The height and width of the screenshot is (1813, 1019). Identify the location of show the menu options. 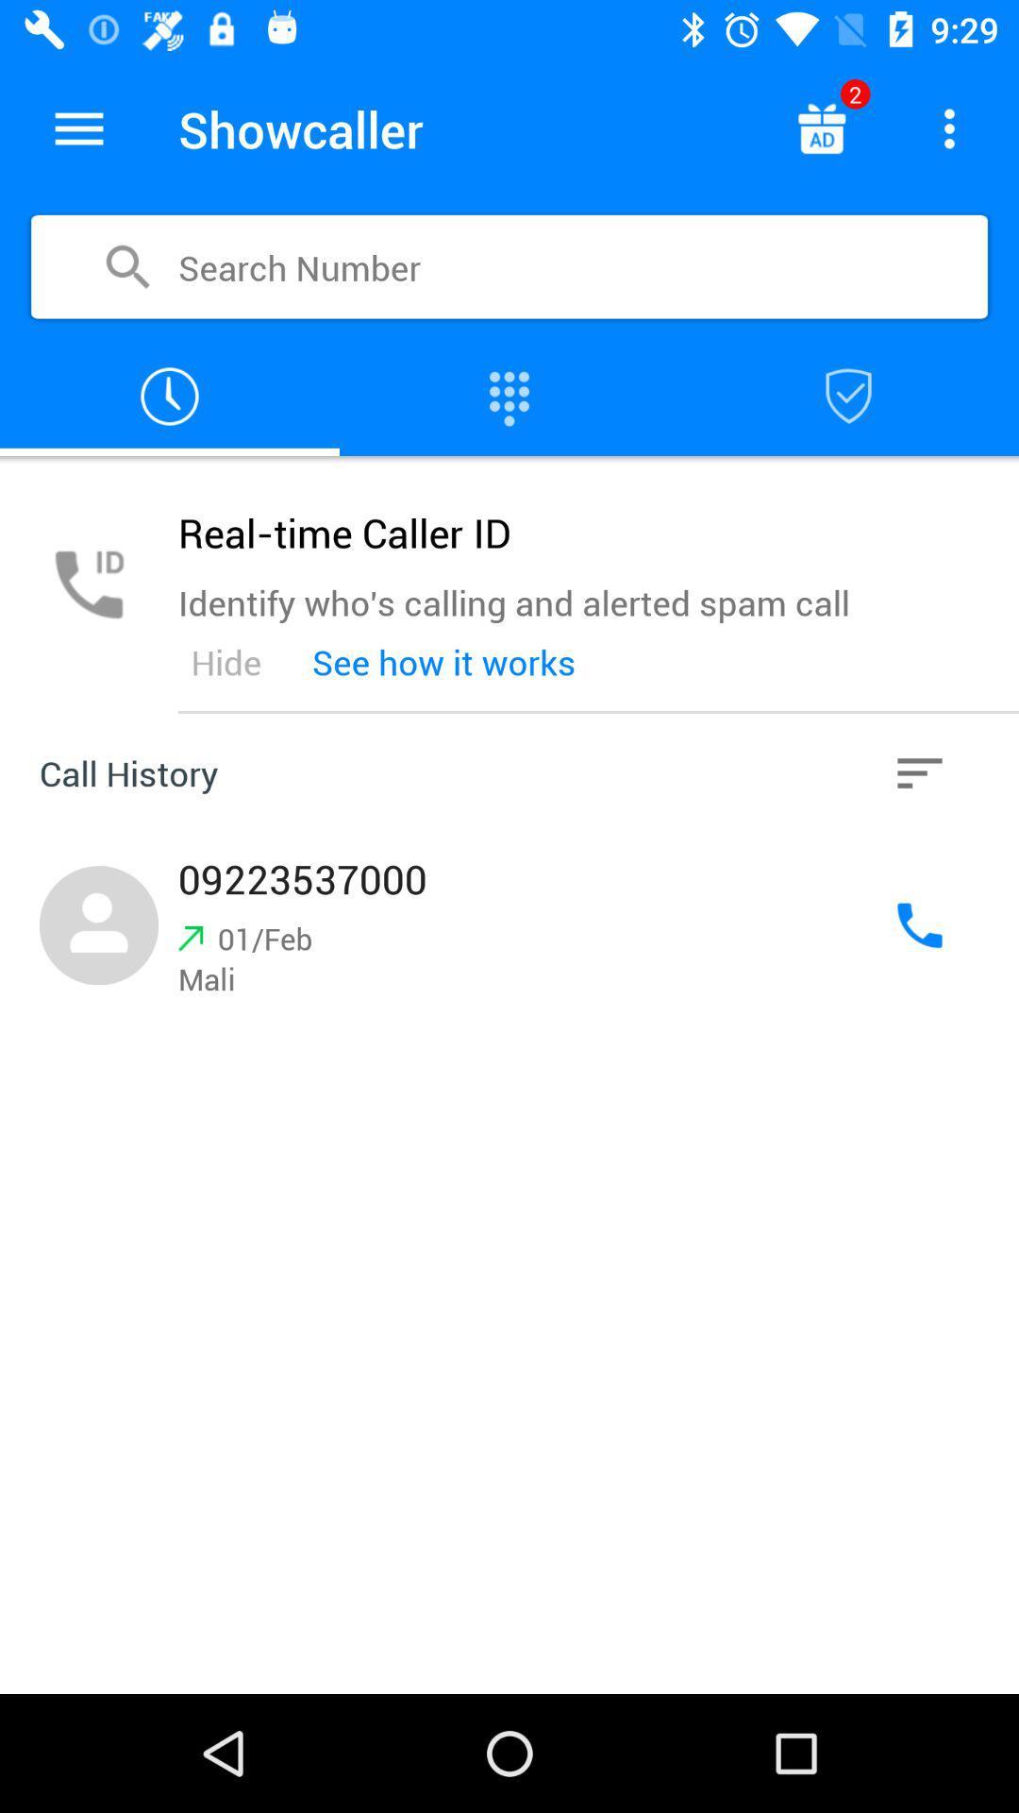
(78, 127).